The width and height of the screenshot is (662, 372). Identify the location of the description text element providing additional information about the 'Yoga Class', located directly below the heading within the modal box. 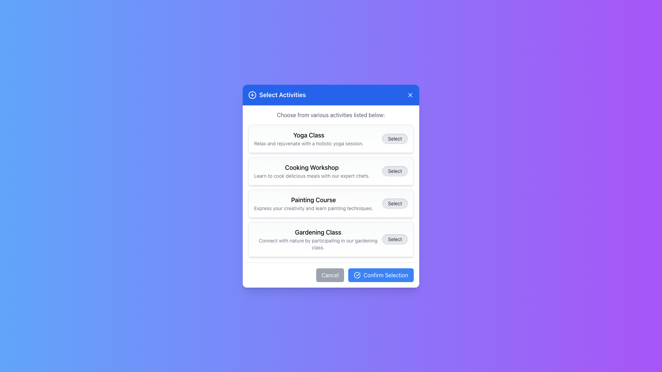
(308, 143).